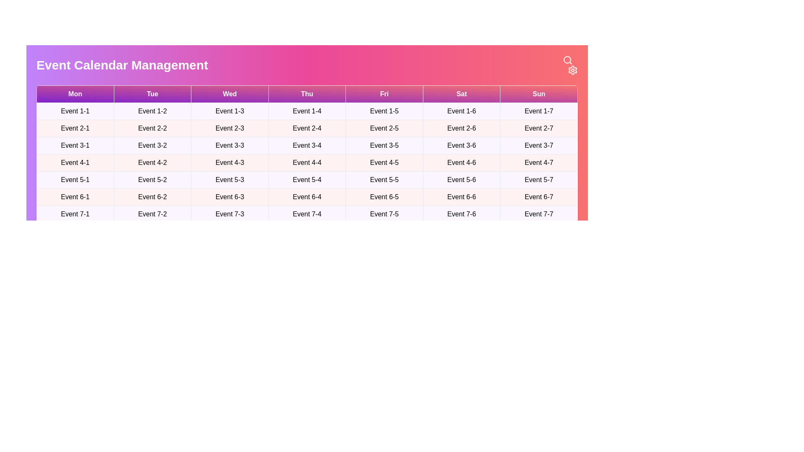 The height and width of the screenshot is (452, 804). Describe the element at coordinates (229, 94) in the screenshot. I see `the table header corresponding to Wed` at that location.